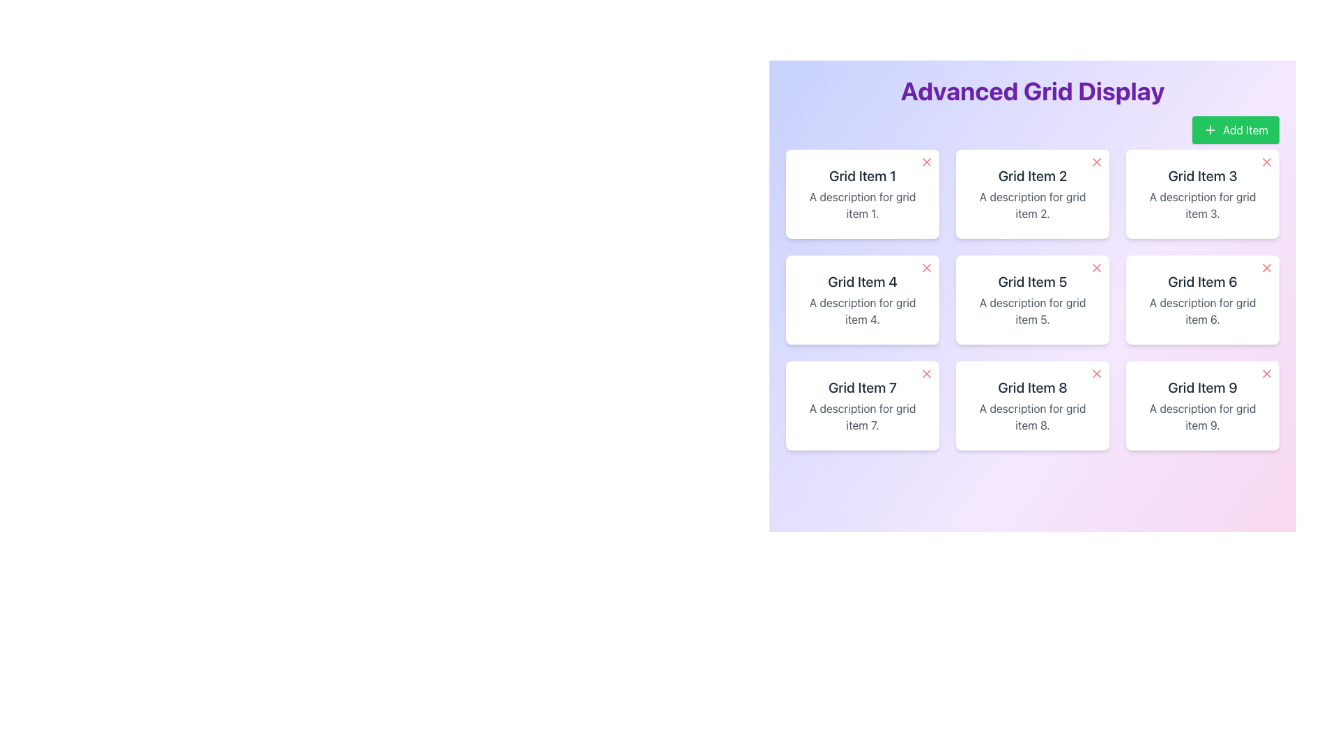  I want to click on the text label that provides additional details for 'Grid Item 9', positioned centrally beneath its title in the bottom-right card of the 3x3 grid layout, so click(1202, 416).